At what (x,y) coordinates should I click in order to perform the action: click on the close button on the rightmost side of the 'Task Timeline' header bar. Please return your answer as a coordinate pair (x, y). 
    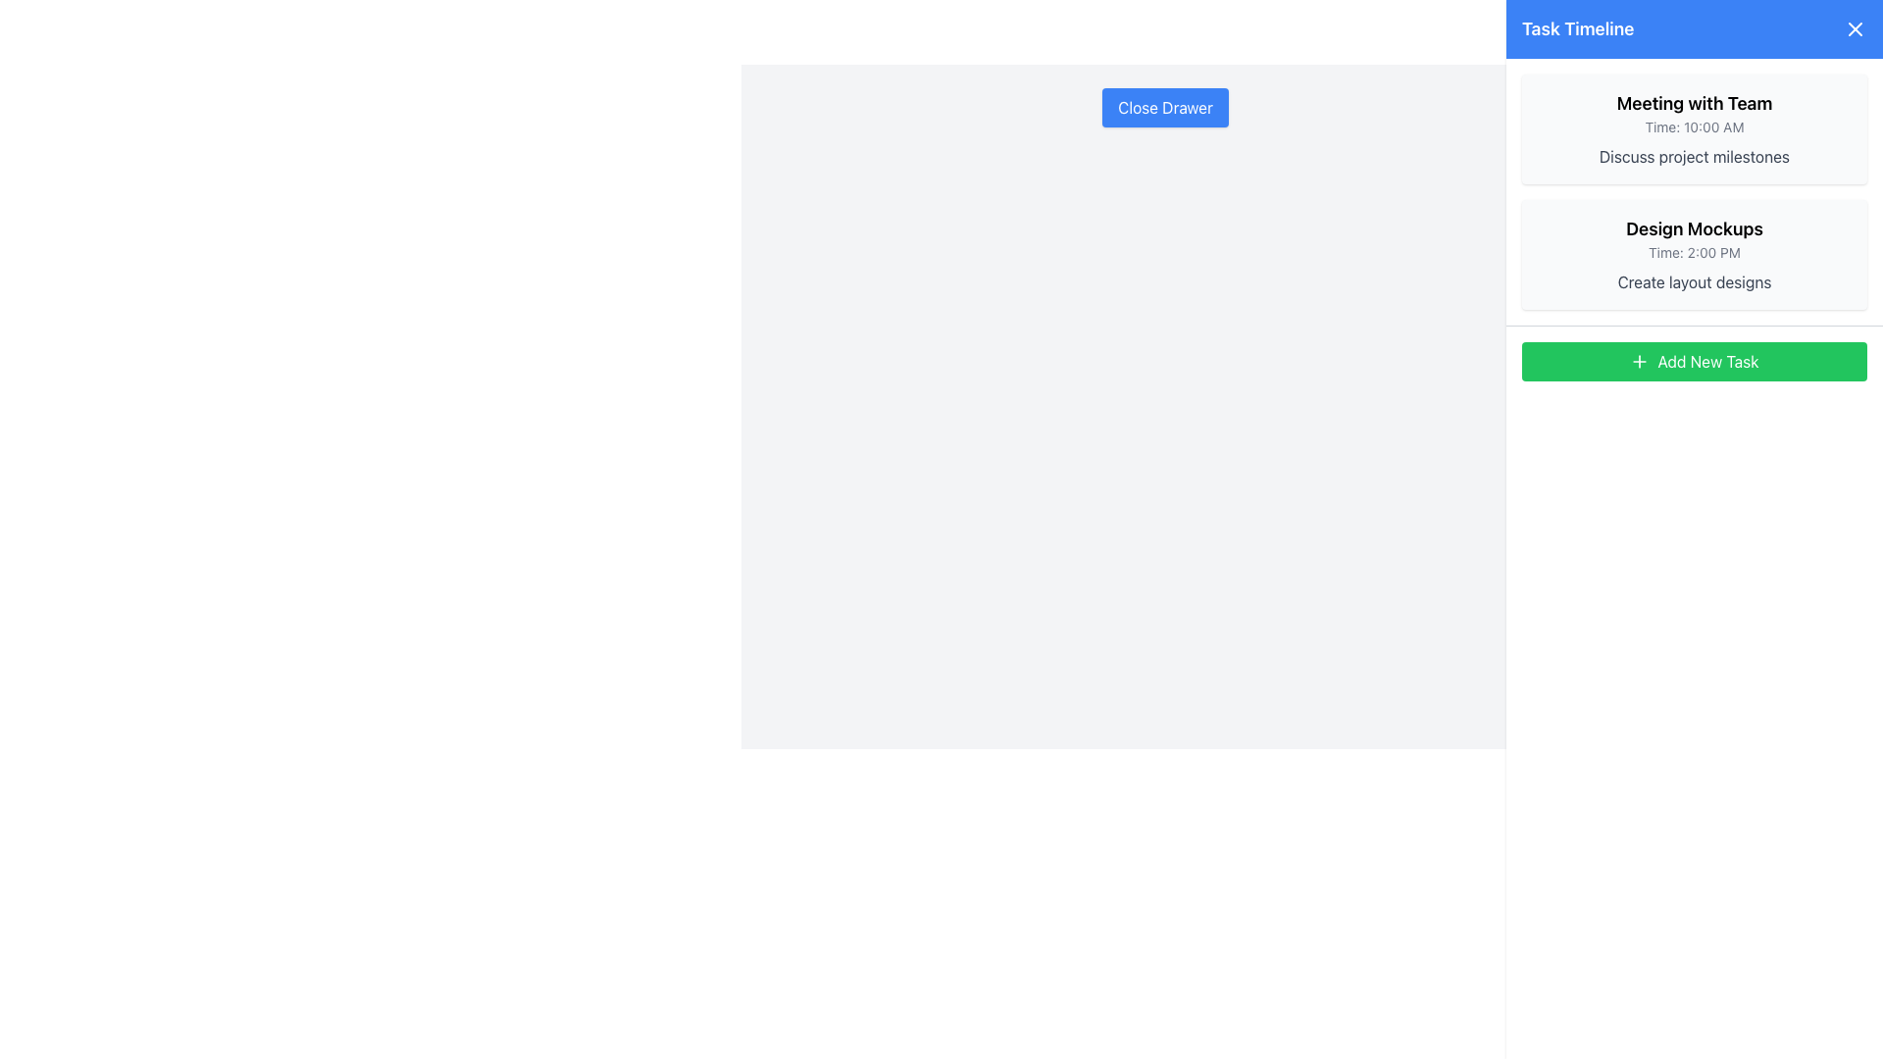
    Looking at the image, I should click on (1854, 29).